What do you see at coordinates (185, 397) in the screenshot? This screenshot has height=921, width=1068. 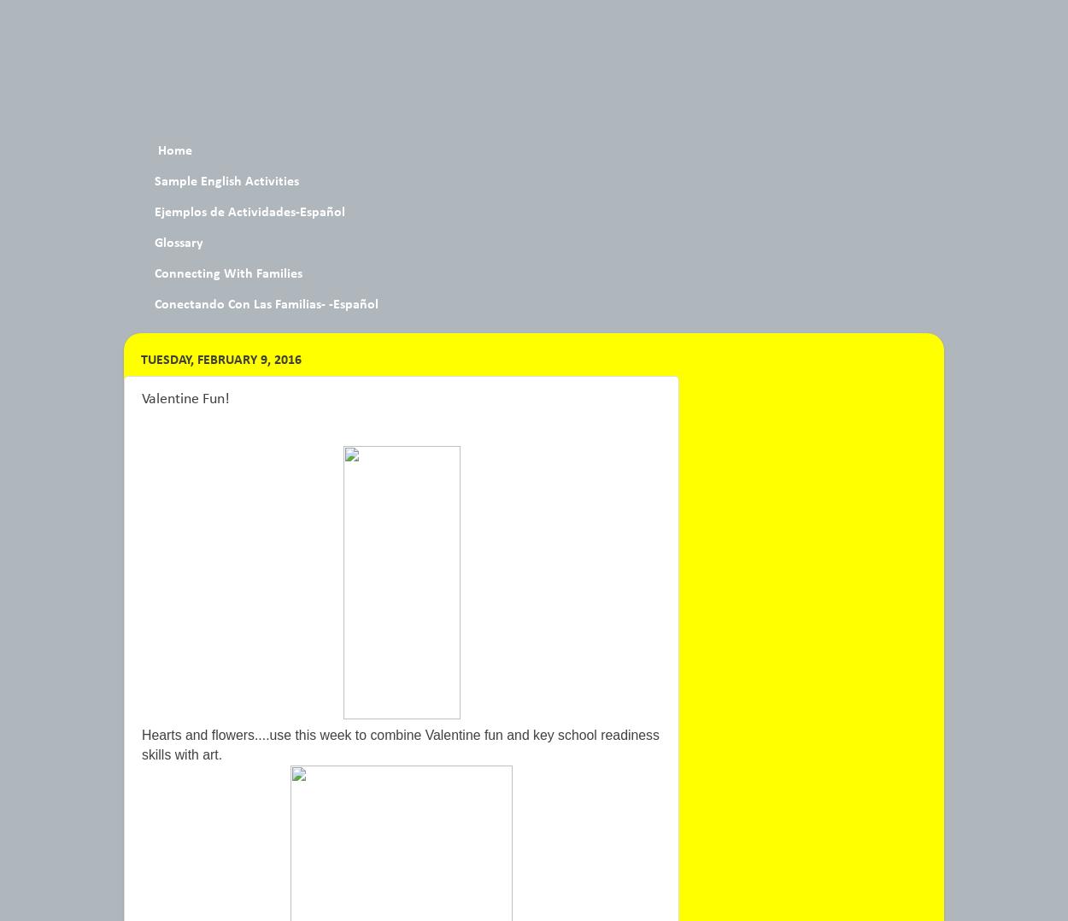 I see `'Valentine Fun!'` at bounding box center [185, 397].